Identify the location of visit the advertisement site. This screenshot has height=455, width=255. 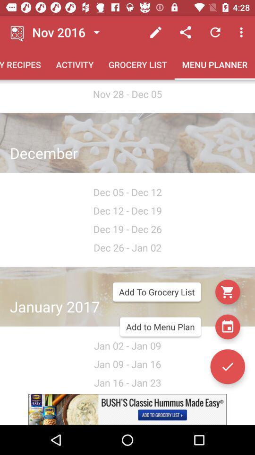
(127, 409).